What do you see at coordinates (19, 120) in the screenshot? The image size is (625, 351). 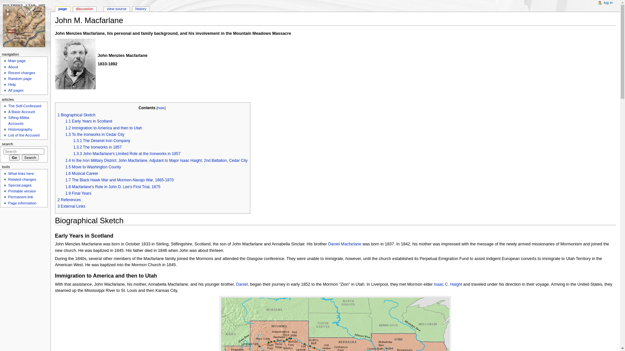 I see `'Sifting Militia Accounts'` at bounding box center [19, 120].